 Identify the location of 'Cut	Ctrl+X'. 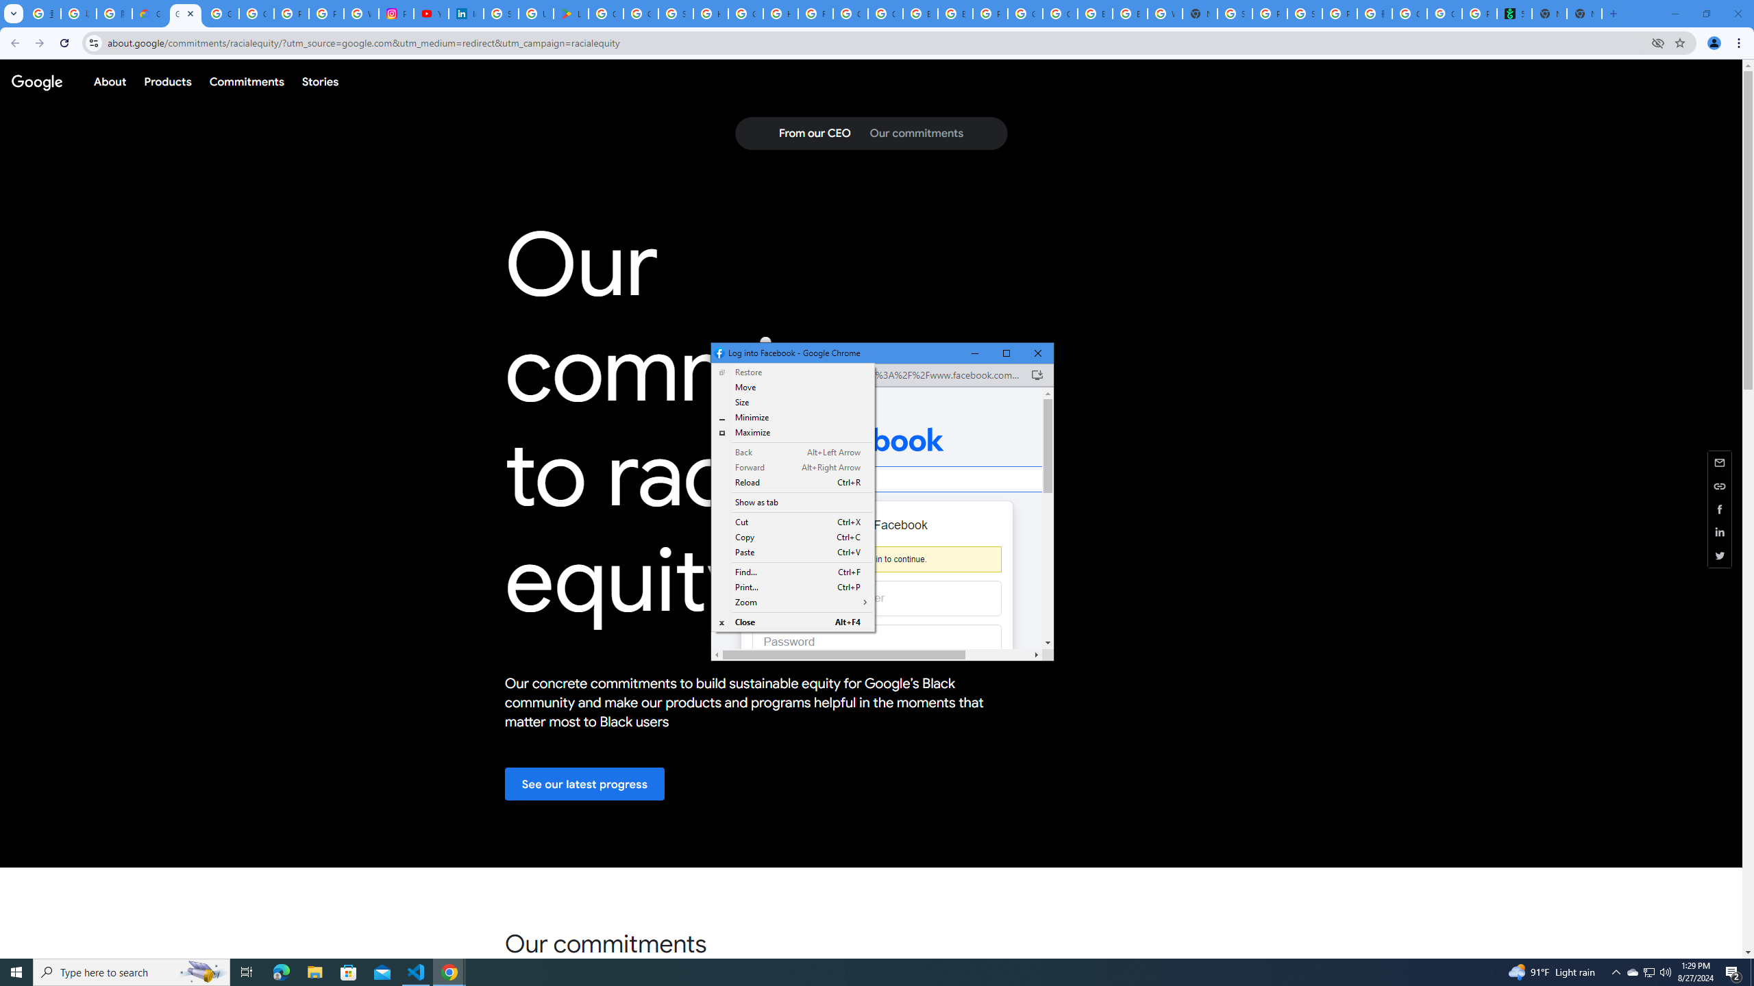
(793, 522).